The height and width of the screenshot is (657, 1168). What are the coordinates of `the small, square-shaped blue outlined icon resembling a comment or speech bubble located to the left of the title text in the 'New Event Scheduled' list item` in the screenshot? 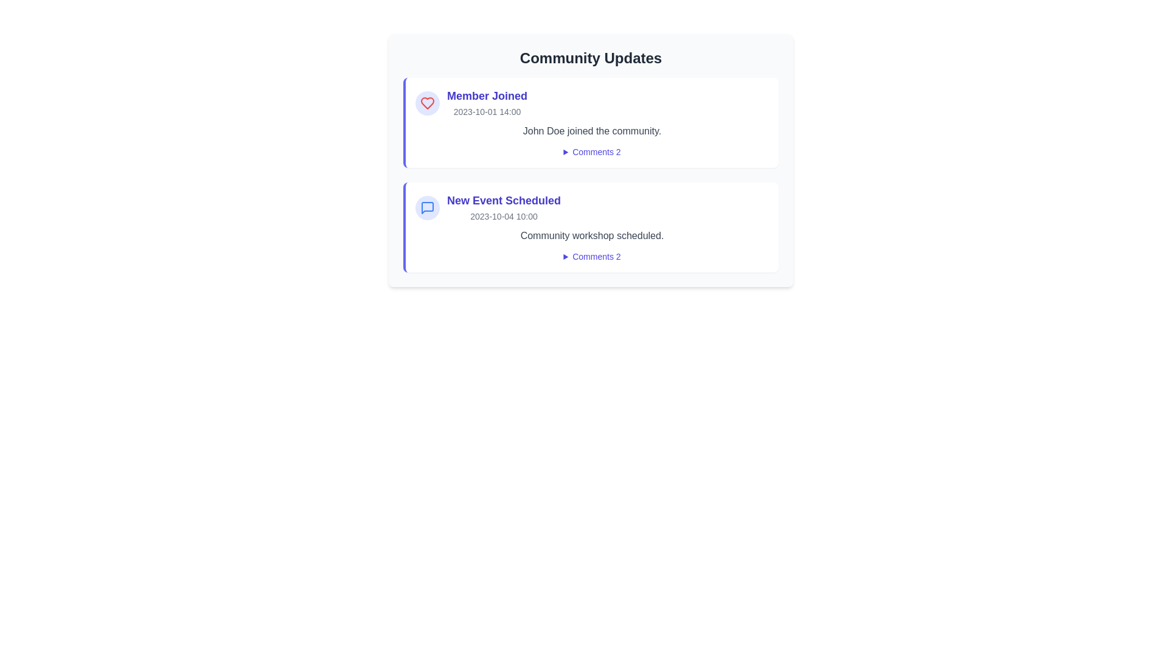 It's located at (427, 207).